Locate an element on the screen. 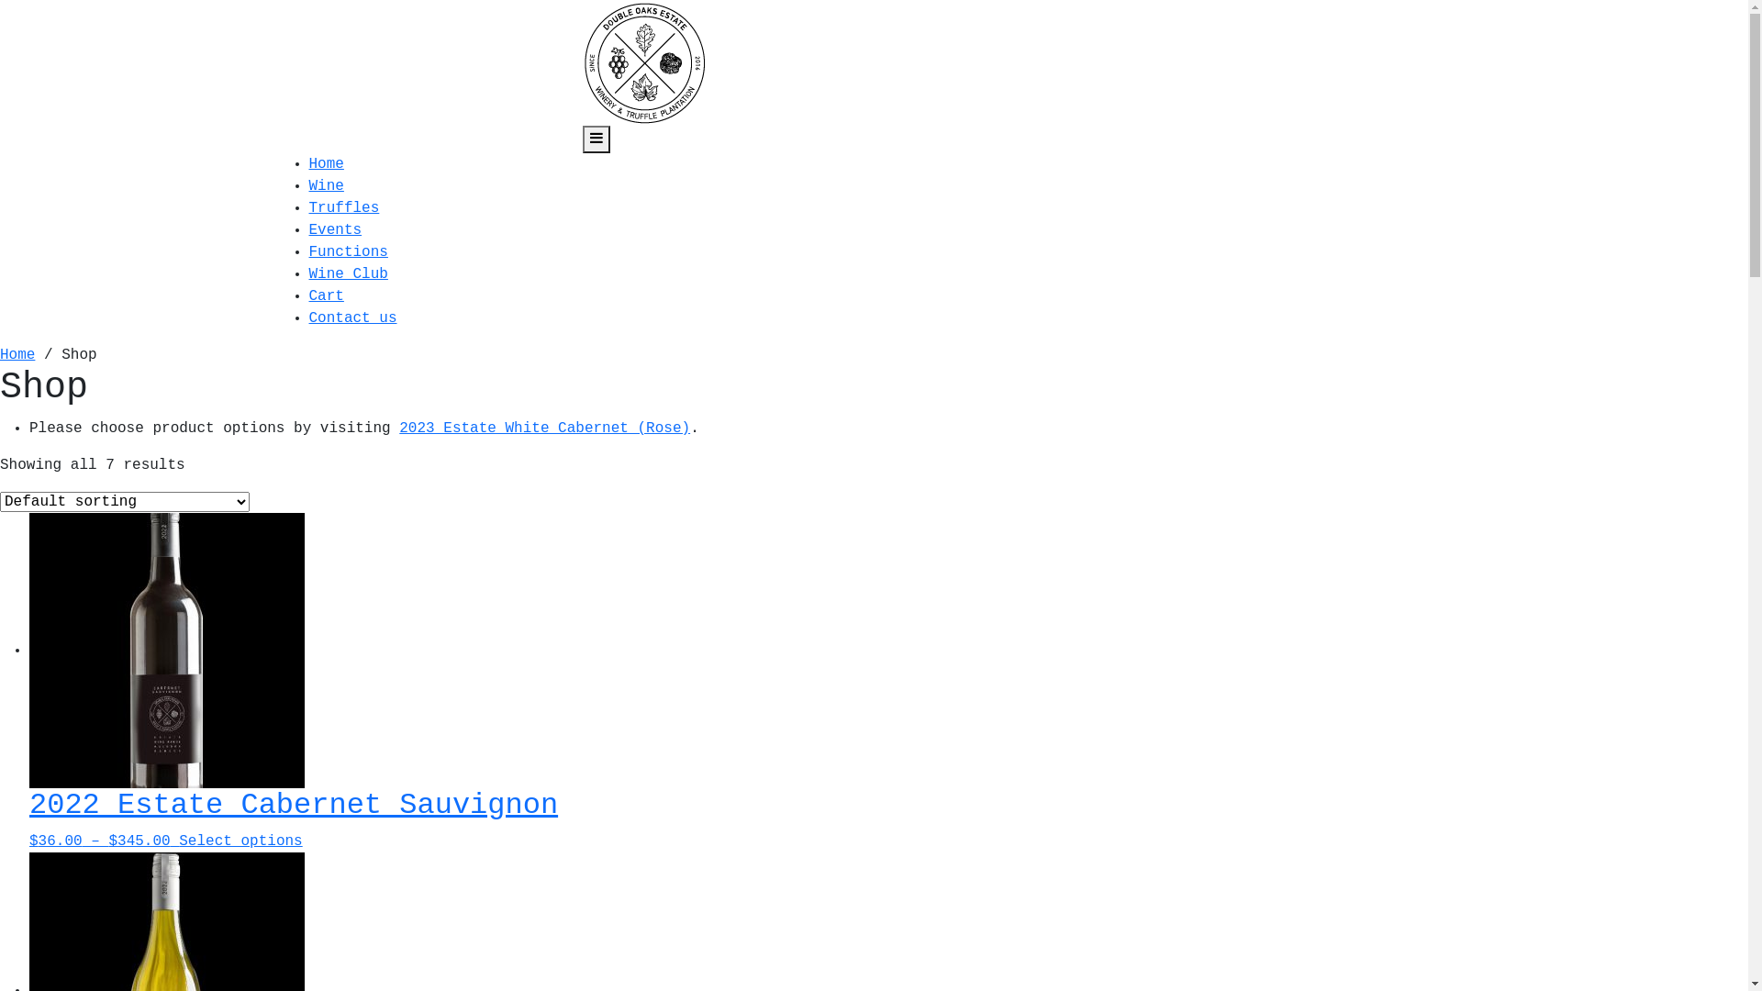 Image resolution: width=1762 pixels, height=991 pixels. 'Events' is located at coordinates (334, 228).